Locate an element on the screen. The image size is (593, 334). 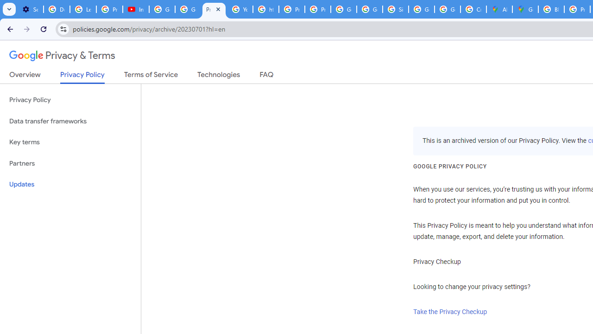
'Key terms' is located at coordinates (70, 142).